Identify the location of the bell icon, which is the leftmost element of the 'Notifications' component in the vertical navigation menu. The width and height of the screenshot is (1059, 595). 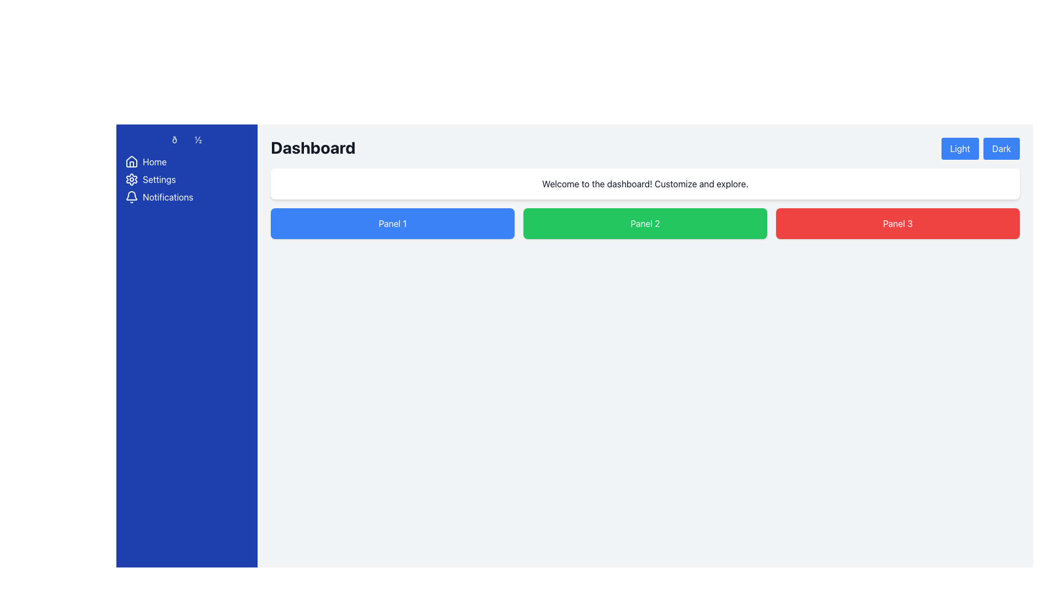
(132, 197).